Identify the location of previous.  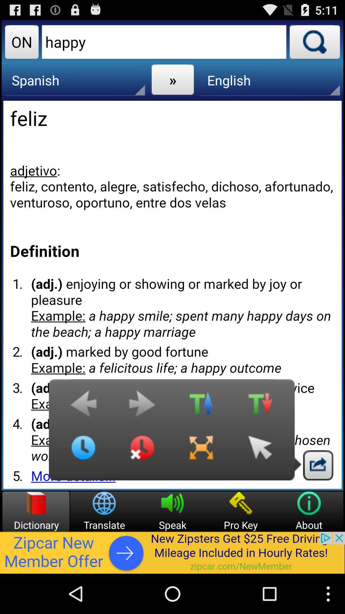
(83, 406).